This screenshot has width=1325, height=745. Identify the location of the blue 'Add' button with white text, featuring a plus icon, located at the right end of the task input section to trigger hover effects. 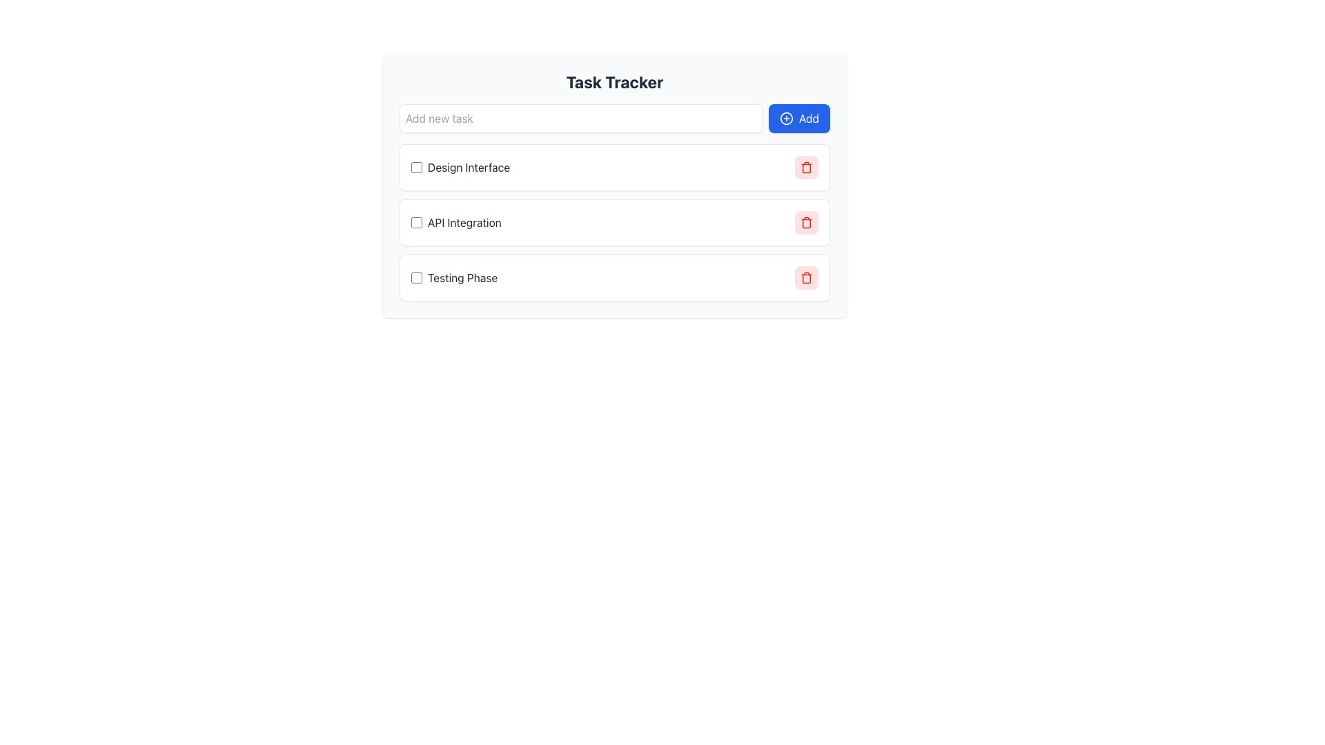
(799, 118).